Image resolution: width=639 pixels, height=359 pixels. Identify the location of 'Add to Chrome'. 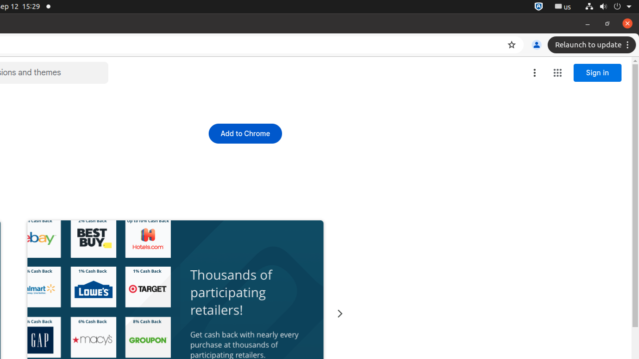
(245, 133).